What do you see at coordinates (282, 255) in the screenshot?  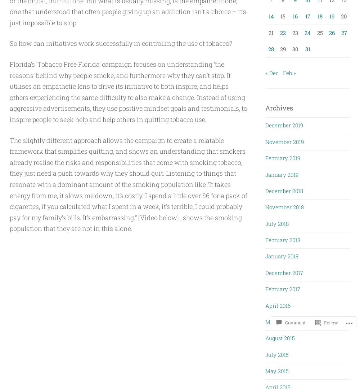 I see `'January 2018'` at bounding box center [282, 255].